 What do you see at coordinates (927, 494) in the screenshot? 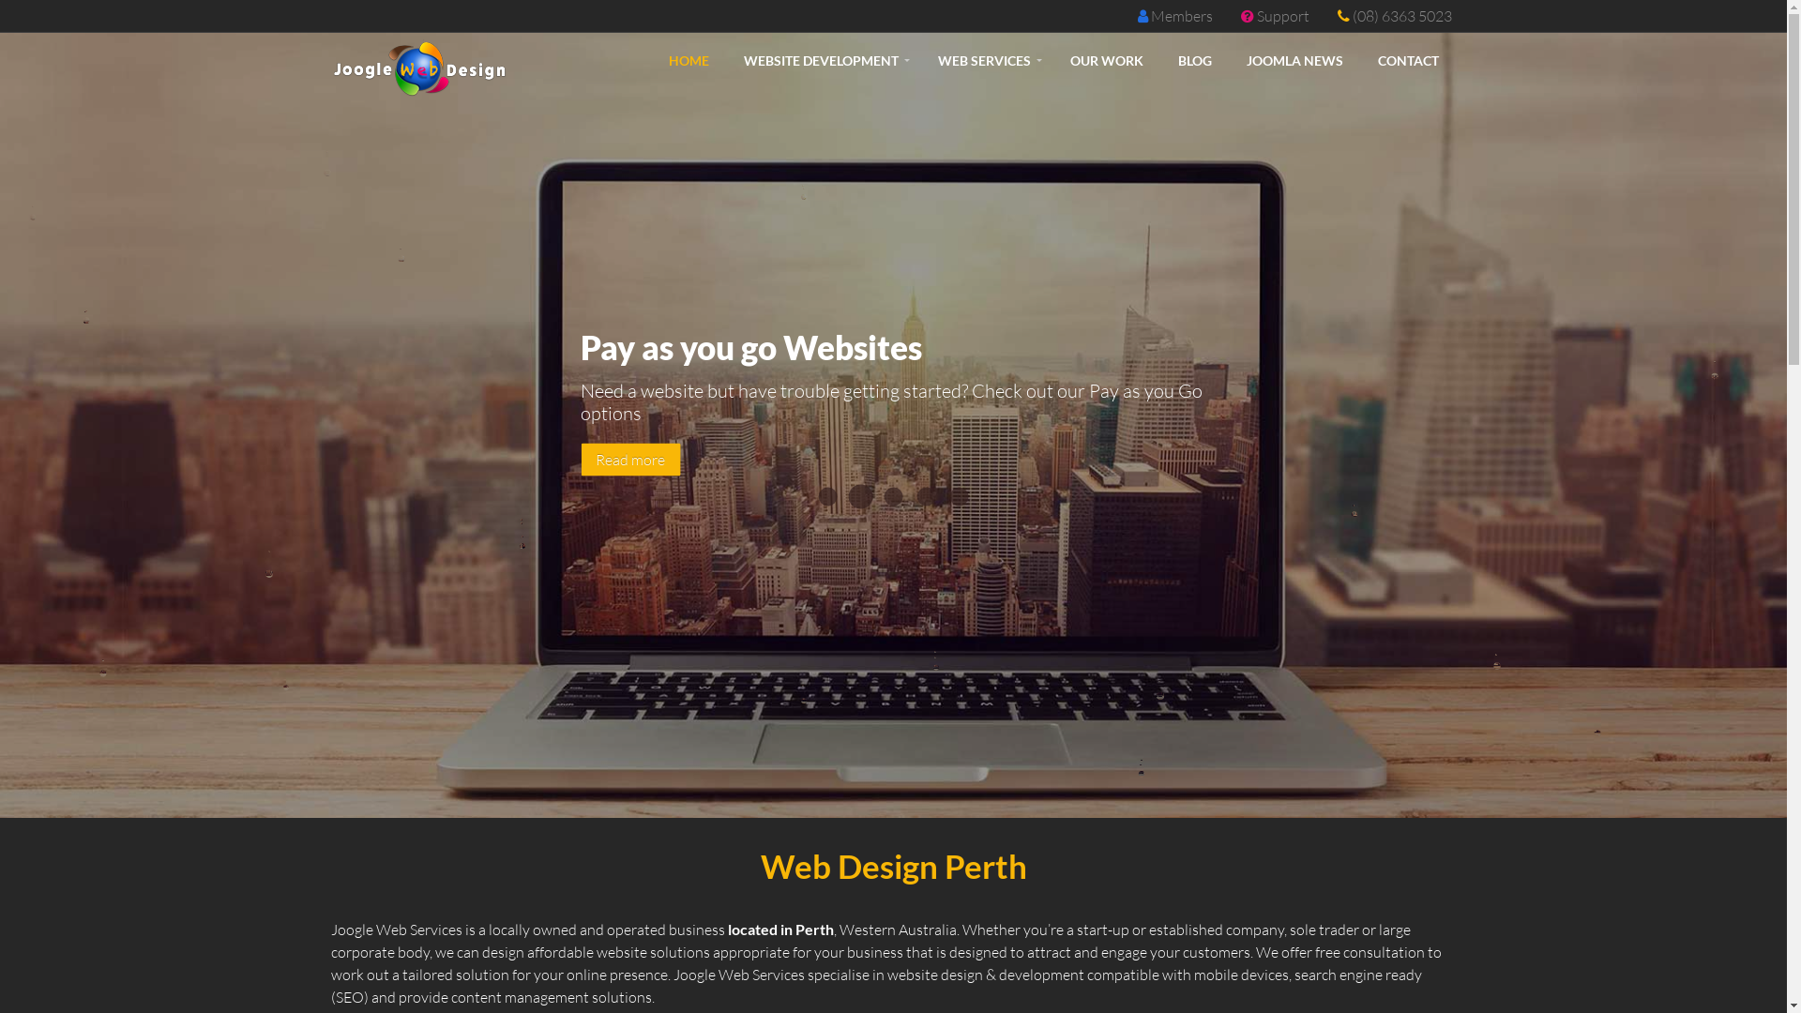
I see `'Joomla Maintenance & Security'` at bounding box center [927, 494].